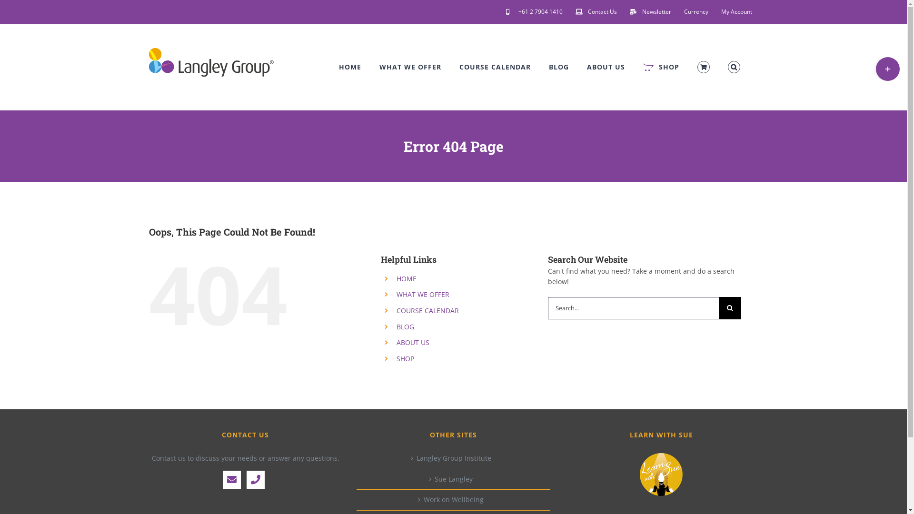 This screenshot has height=514, width=914. Describe the element at coordinates (605, 67) in the screenshot. I see `'ABOUT US'` at that location.